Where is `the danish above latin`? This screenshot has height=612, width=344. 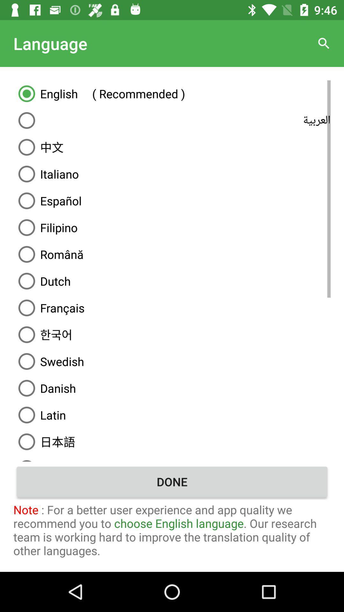 the danish above latin is located at coordinates (172, 388).